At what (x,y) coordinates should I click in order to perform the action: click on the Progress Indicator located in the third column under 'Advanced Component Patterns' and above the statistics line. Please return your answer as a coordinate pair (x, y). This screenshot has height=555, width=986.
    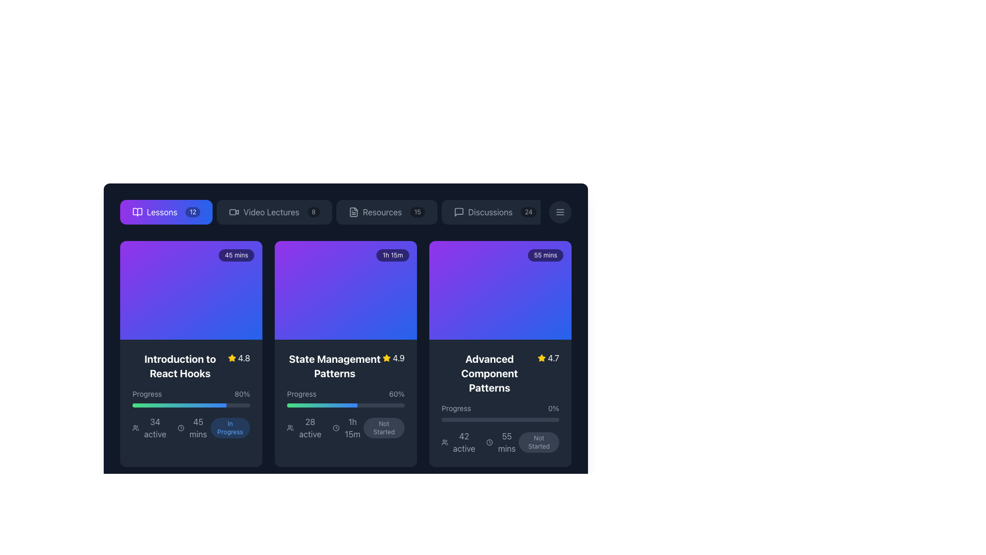
    Looking at the image, I should click on (500, 412).